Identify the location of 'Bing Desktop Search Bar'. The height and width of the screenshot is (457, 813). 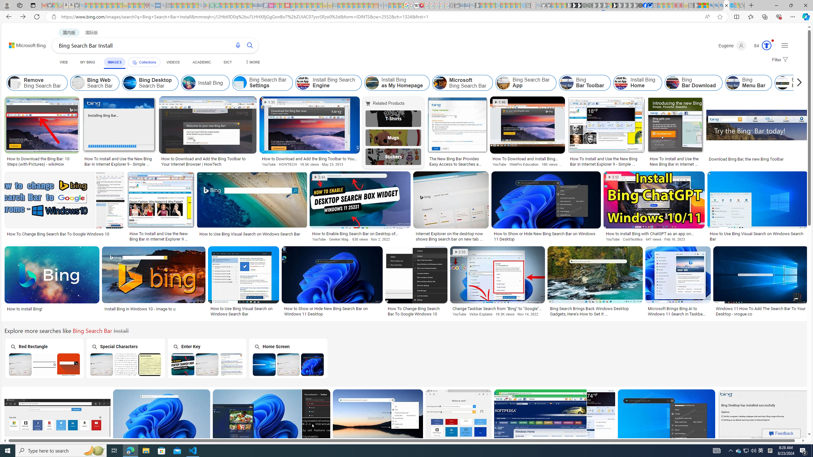
(129, 83).